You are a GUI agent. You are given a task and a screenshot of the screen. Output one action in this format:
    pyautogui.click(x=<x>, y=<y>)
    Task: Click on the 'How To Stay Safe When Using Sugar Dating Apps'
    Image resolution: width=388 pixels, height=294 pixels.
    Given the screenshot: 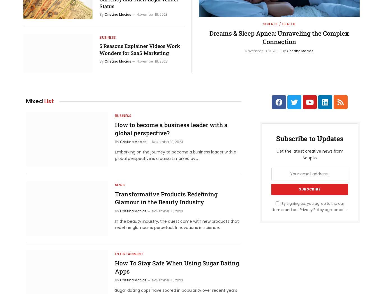 What is the action you would take?
    pyautogui.click(x=114, y=267)
    